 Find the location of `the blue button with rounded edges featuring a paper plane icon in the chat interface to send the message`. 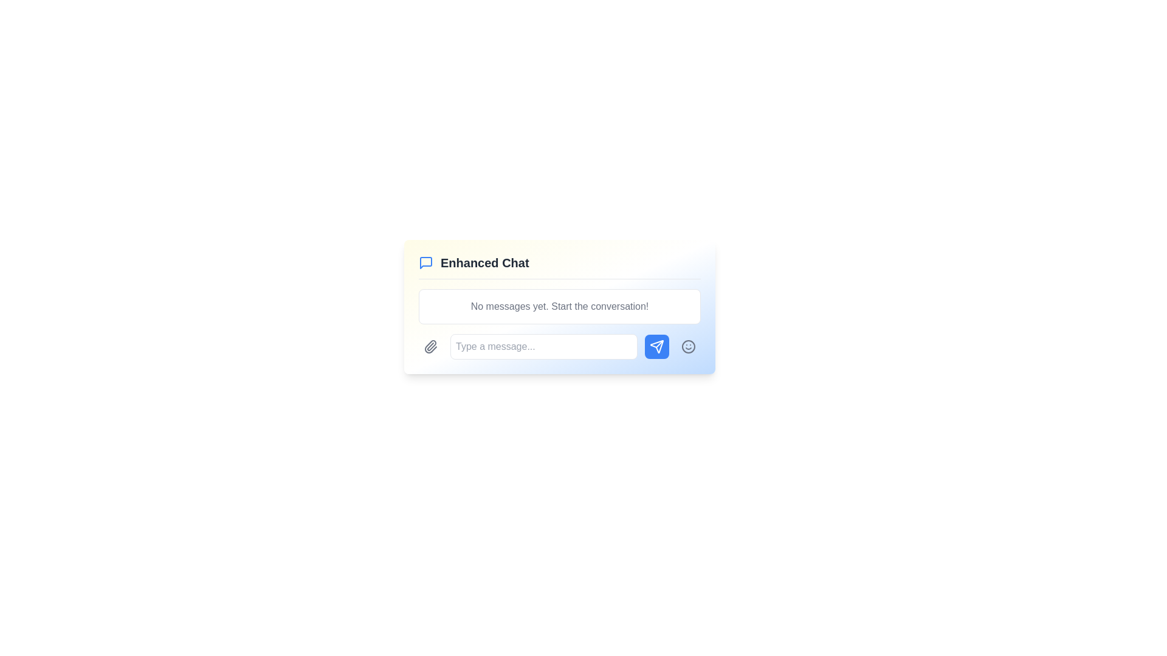

the blue button with rounded edges featuring a paper plane icon in the chat interface to send the message is located at coordinates (656, 346).